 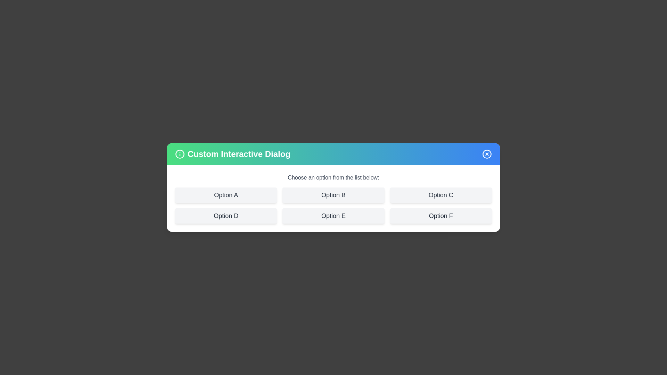 I want to click on the option Option F from the list, so click(x=440, y=215).